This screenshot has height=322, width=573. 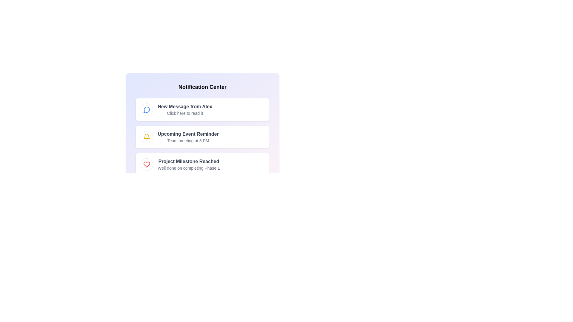 I want to click on the notification icon for Message, so click(x=147, y=109).